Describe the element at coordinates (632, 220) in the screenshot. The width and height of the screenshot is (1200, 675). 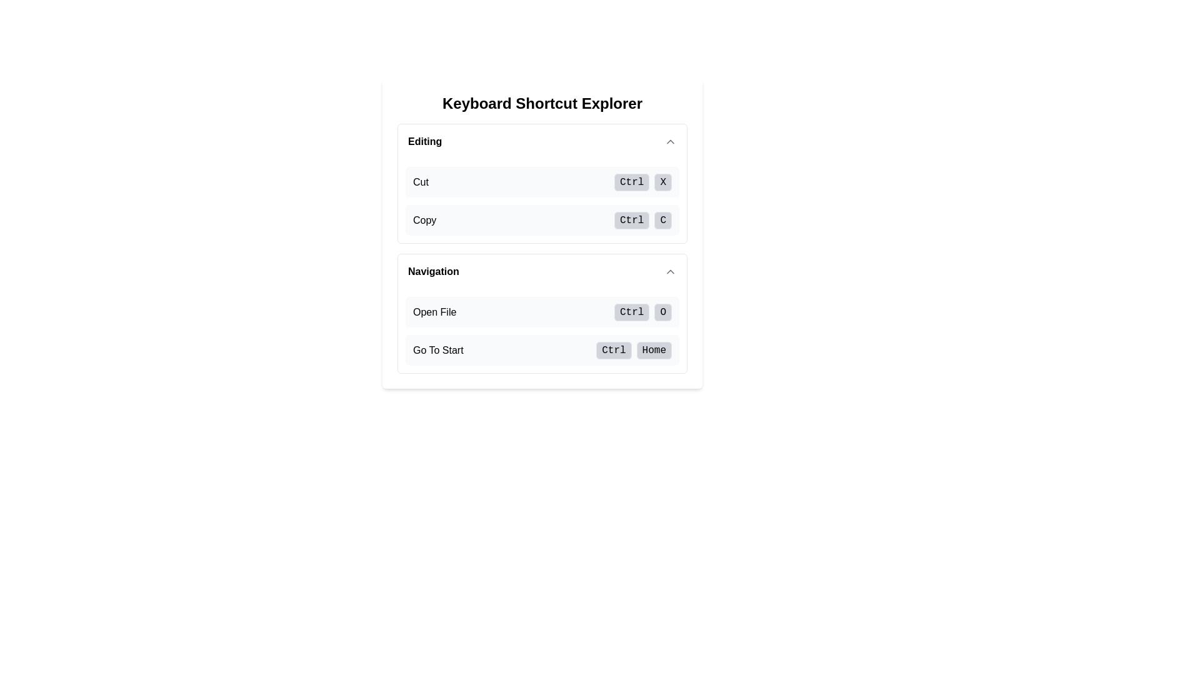
I see `the 'Ctrl' label button located in the 'Editing' section of the keyboard shortcut explorer interface, which is a small rectangular button with rounded edges and a light gray background` at that location.